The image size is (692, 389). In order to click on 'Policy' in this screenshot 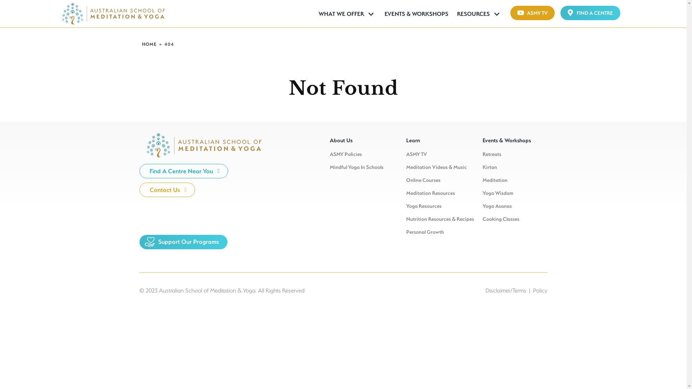, I will do `click(540, 290)`.